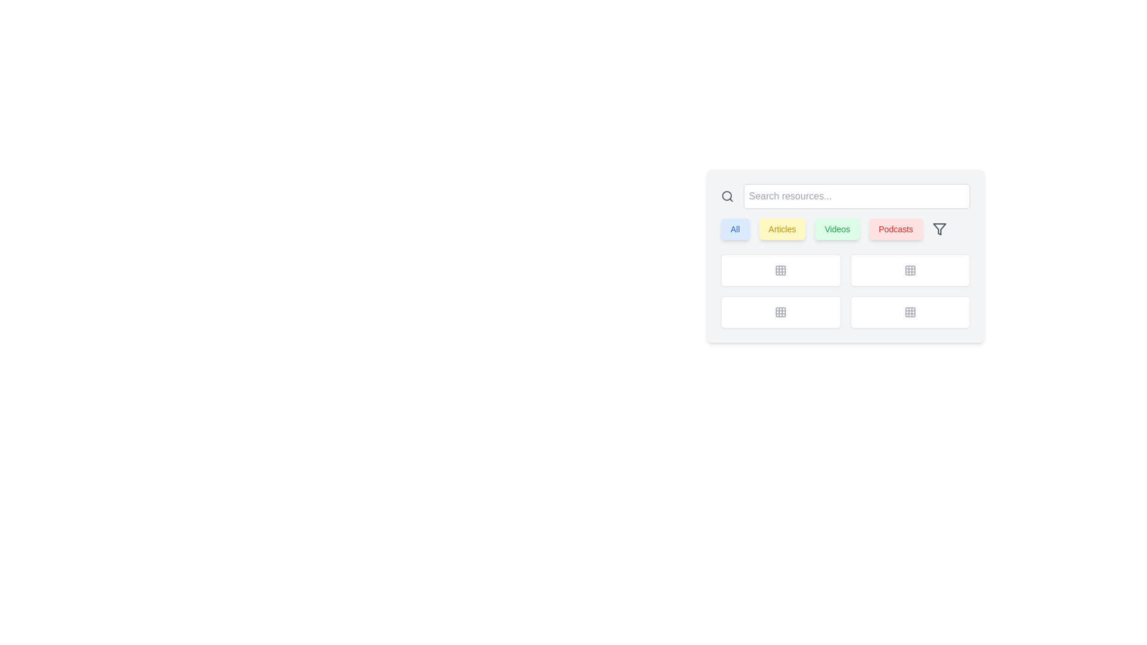 This screenshot has width=1147, height=645. Describe the element at coordinates (781, 312) in the screenshot. I see `the third Iconic button in the grid layout` at that location.